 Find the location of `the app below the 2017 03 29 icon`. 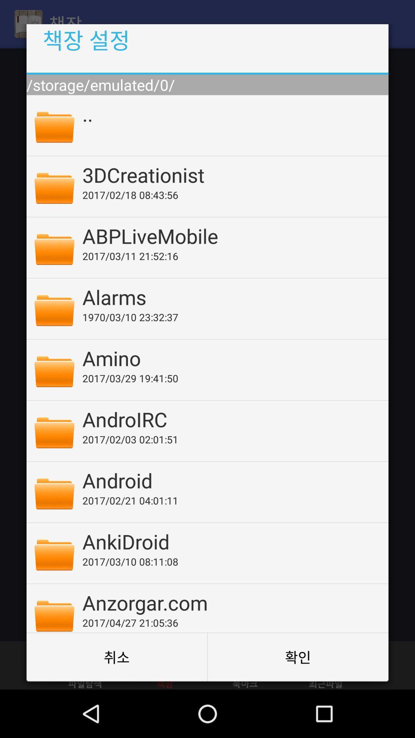

the app below the 2017 03 29 icon is located at coordinates (230, 419).